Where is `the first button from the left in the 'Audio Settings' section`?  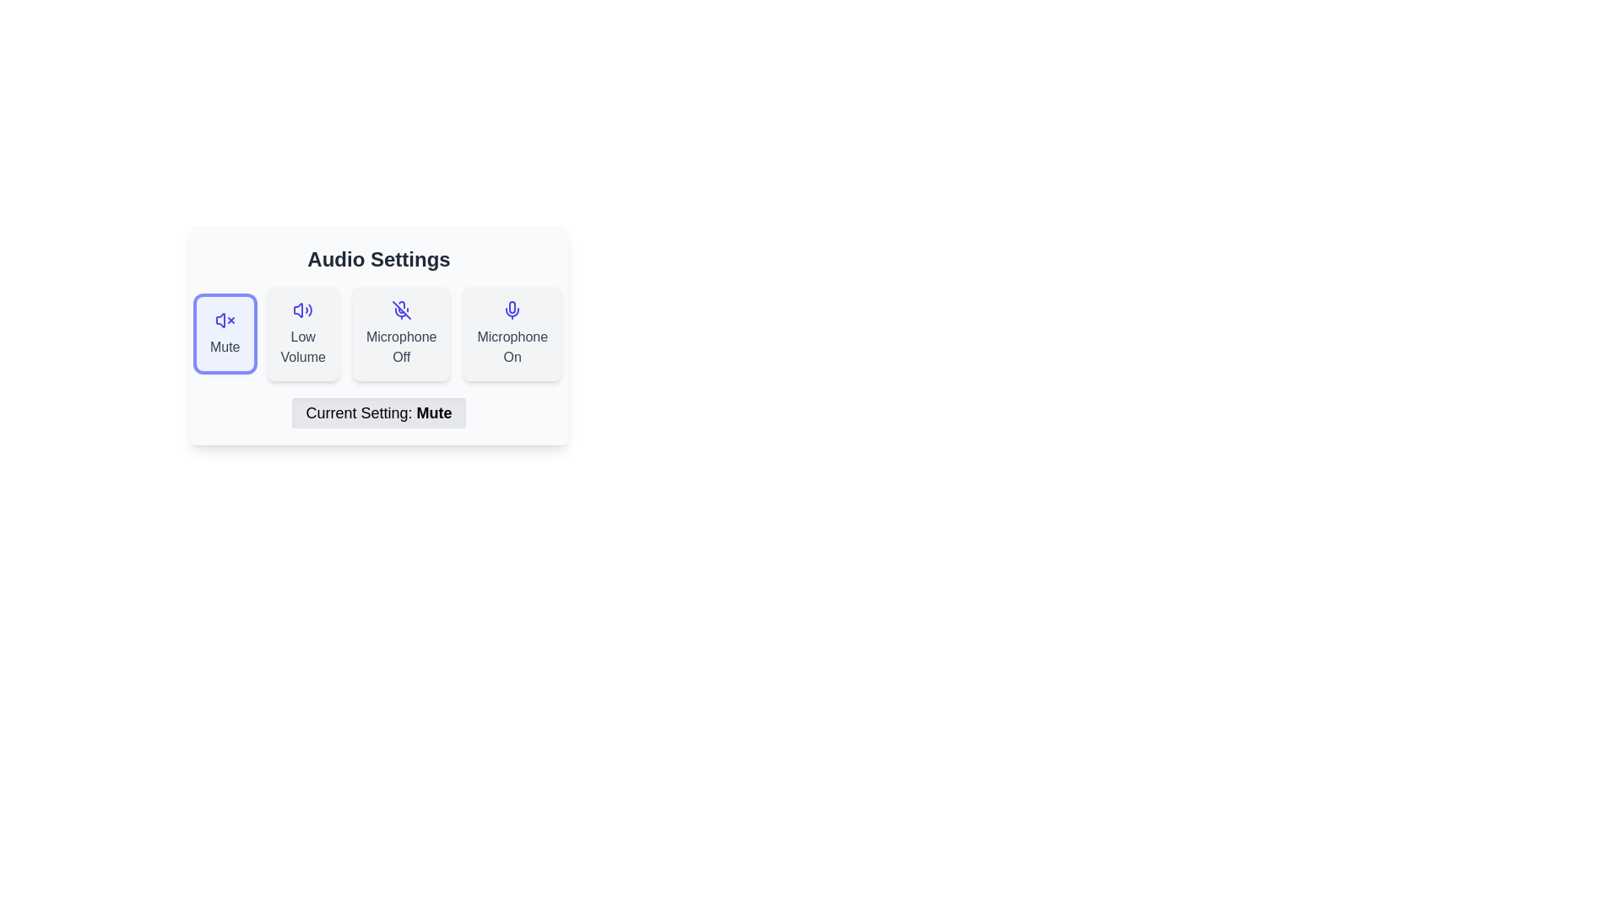
the first button from the left in the 'Audio Settings' section is located at coordinates (224, 334).